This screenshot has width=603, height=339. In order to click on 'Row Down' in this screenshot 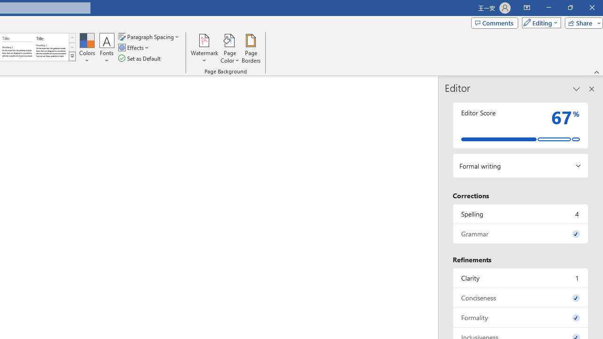, I will do `click(72, 47)`.